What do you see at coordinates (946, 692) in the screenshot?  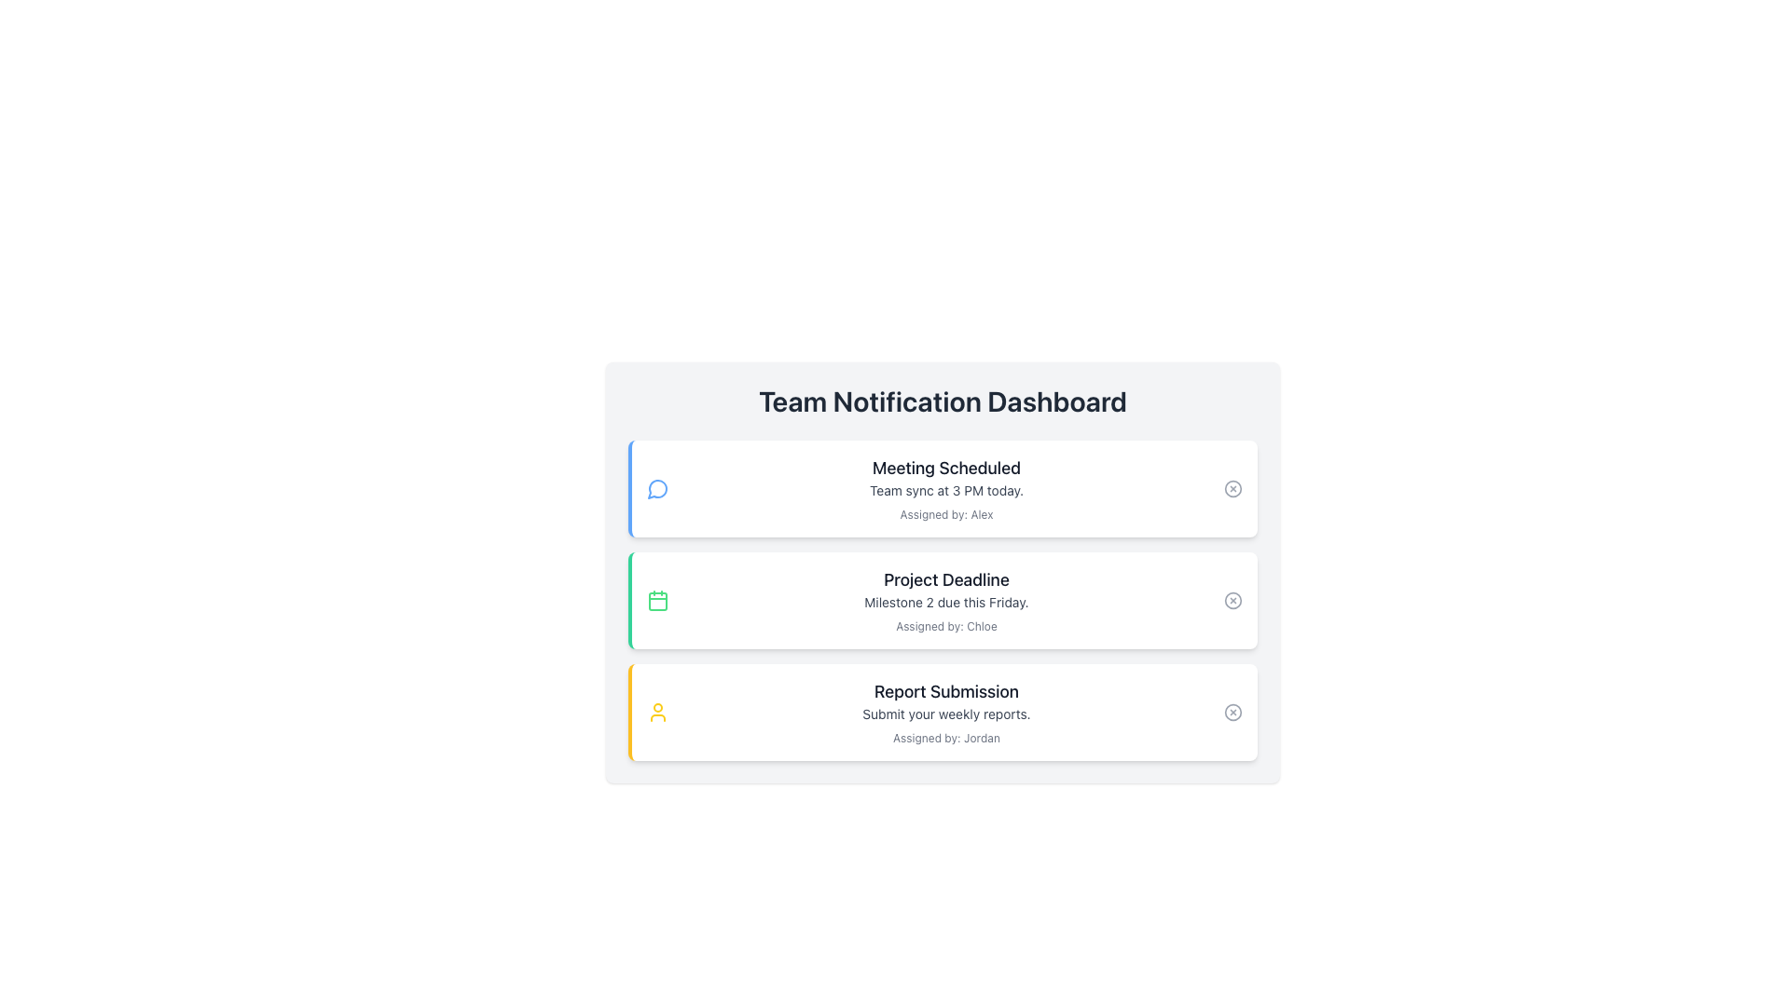 I see `the title text in the third notification card that summarizes the key purpose of the card's content, located above 'Submit your weekly reports.' and 'Assigned by: Jordan.'` at bounding box center [946, 692].